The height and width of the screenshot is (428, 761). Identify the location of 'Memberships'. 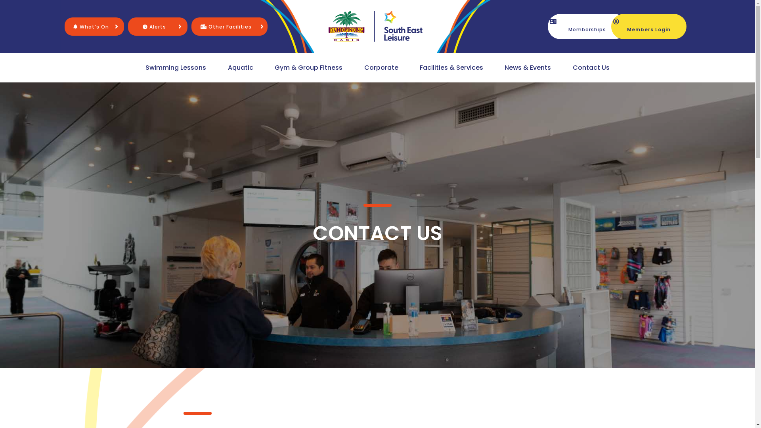
(547, 25).